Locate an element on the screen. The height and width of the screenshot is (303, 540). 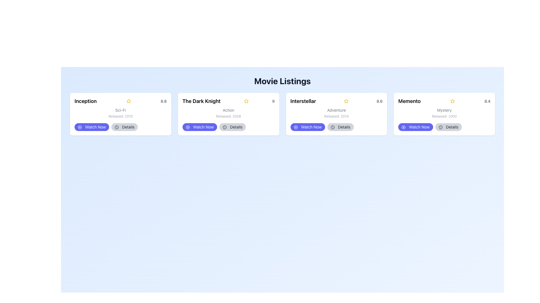
the text label displaying '8.8' in gray color, located at the far-right end of the Inception movie card is located at coordinates (163, 101).